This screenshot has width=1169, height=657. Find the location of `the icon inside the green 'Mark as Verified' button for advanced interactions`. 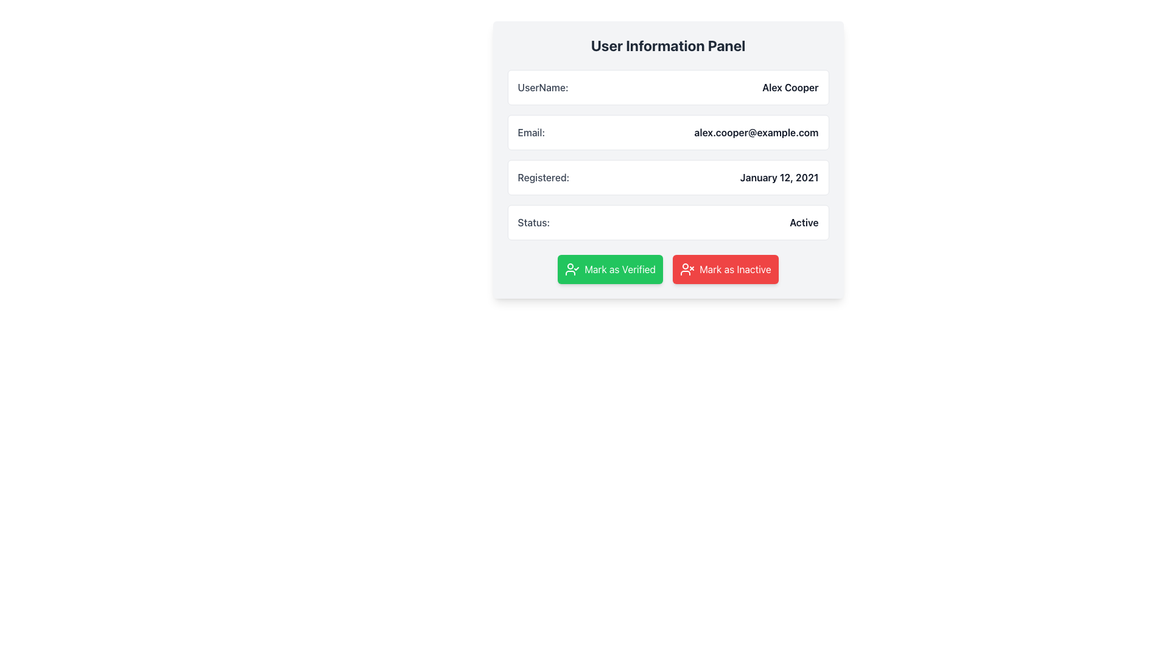

the icon inside the green 'Mark as Verified' button for advanced interactions is located at coordinates (572, 269).